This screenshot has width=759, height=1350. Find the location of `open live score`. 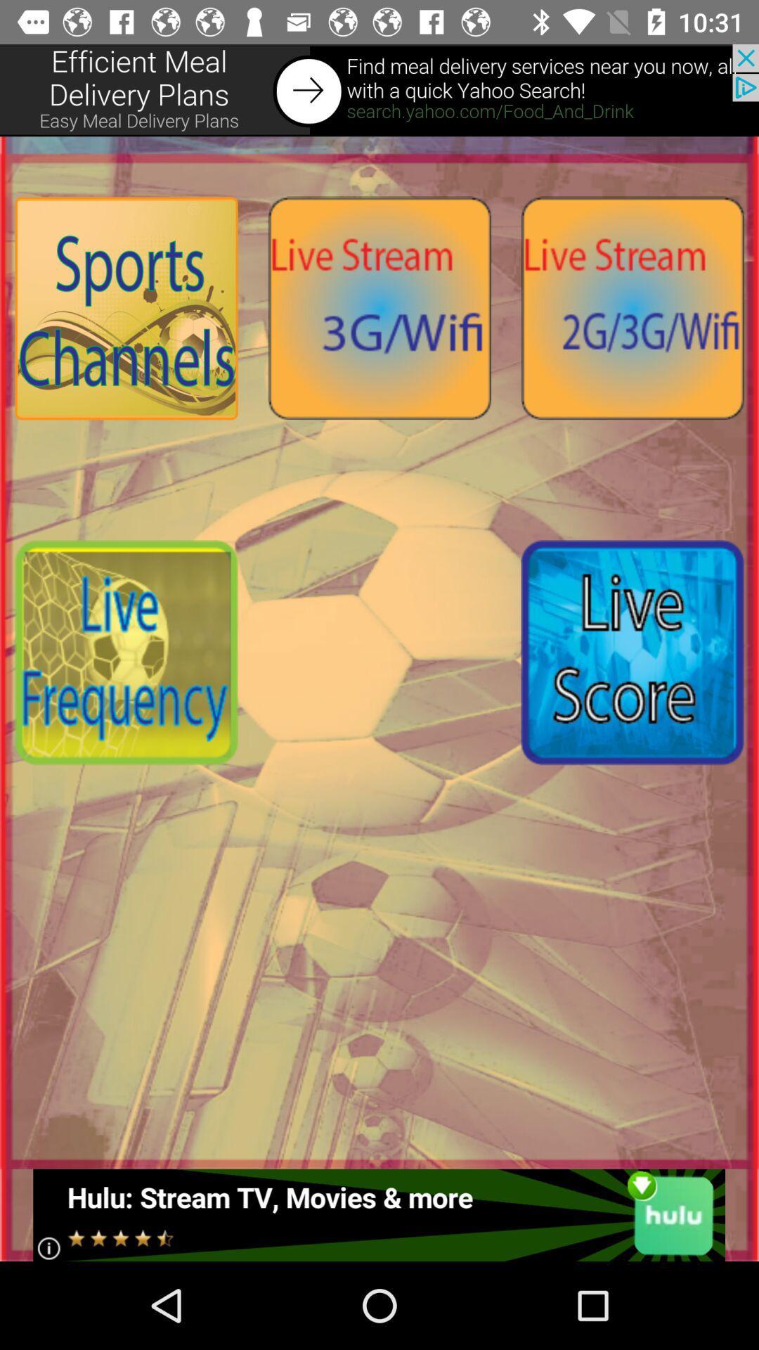

open live score is located at coordinates (631, 652).